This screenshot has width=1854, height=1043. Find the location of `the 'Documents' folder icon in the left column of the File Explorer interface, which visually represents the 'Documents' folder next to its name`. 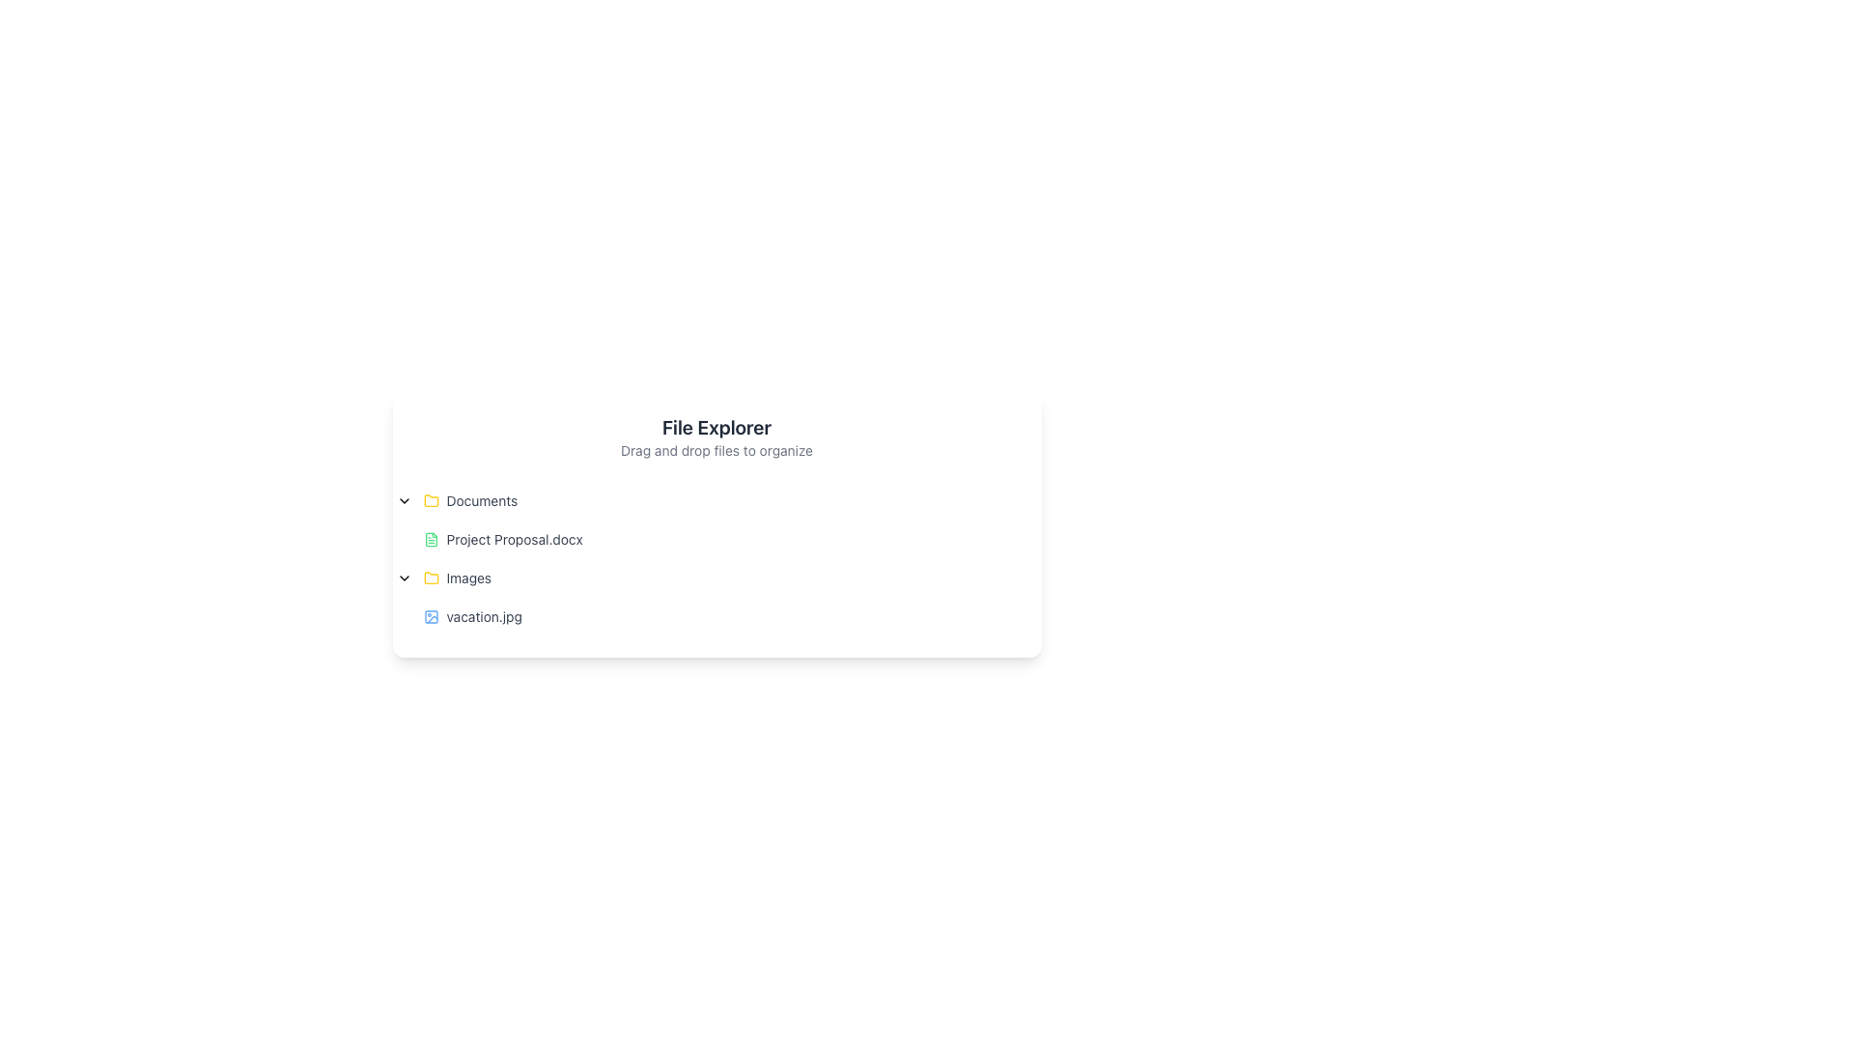

the 'Documents' folder icon in the left column of the File Explorer interface, which visually represents the 'Documents' folder next to its name is located at coordinates (430, 577).